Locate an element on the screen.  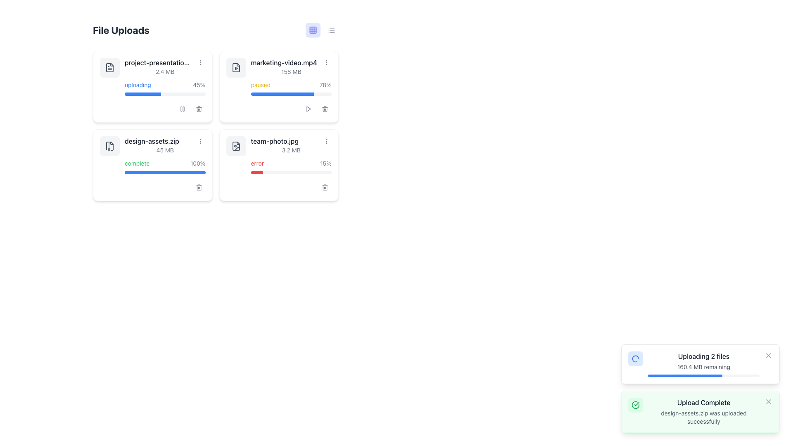
the third file upload card in the 2x2 grid layout is located at coordinates (152, 155).